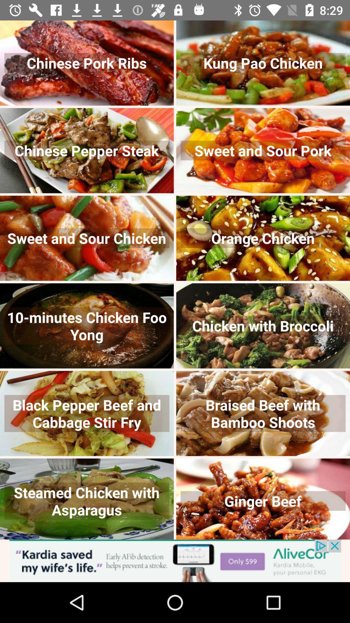 This screenshot has width=350, height=623. What do you see at coordinates (175, 560) in the screenshot?
I see `open advertisement` at bounding box center [175, 560].